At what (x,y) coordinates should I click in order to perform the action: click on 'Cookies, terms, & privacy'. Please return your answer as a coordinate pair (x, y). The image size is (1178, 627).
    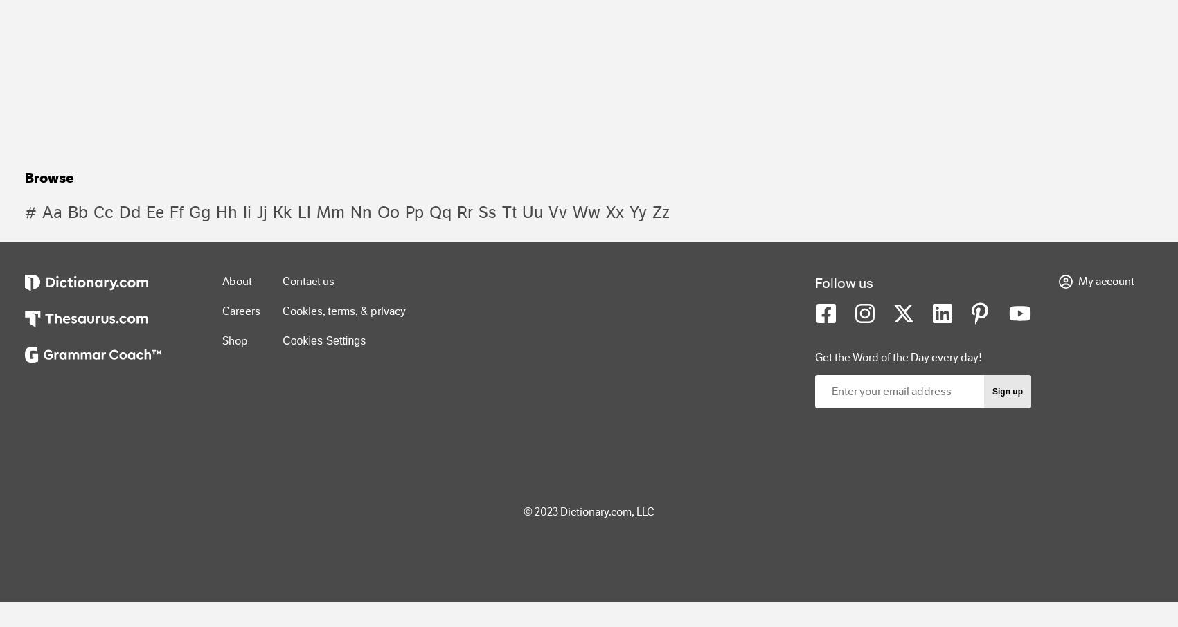
    Looking at the image, I should click on (344, 310).